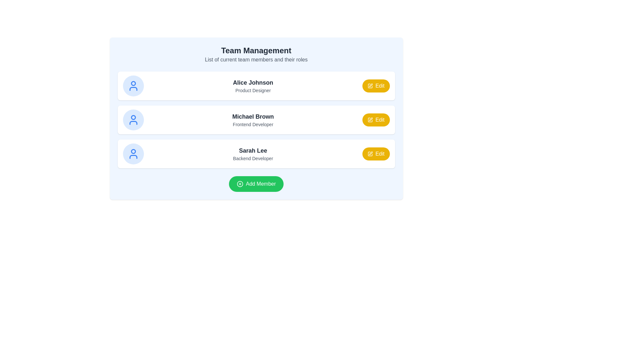 The image size is (628, 353). I want to click on the bolded text label displaying 'Alice Johnson', which is the primary label in the 'Team Management' section, positioned above 'Product Designer', so click(253, 82).